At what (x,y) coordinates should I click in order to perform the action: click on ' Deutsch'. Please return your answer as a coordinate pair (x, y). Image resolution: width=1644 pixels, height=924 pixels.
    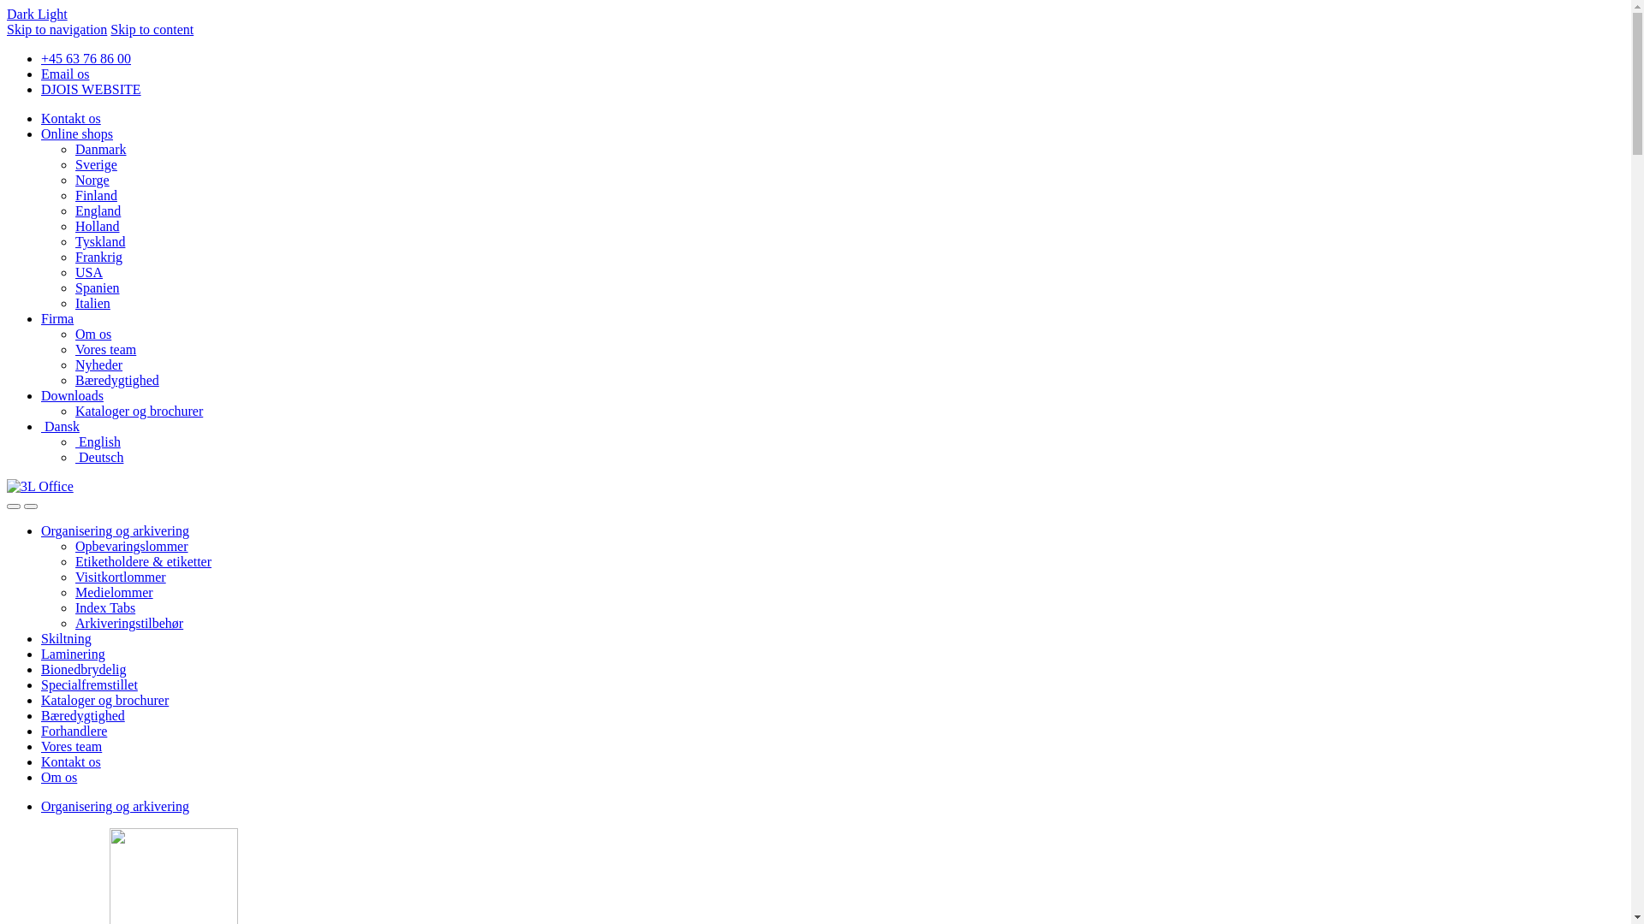
    Looking at the image, I should click on (98, 456).